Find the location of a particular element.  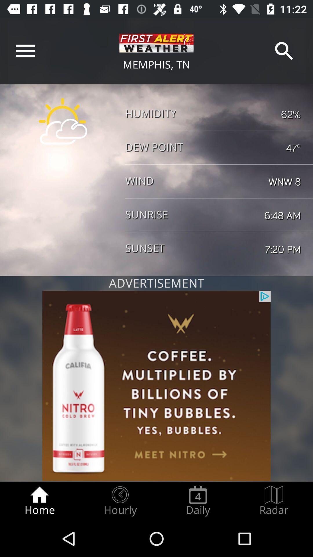

item to the left of daily icon is located at coordinates (120, 501).